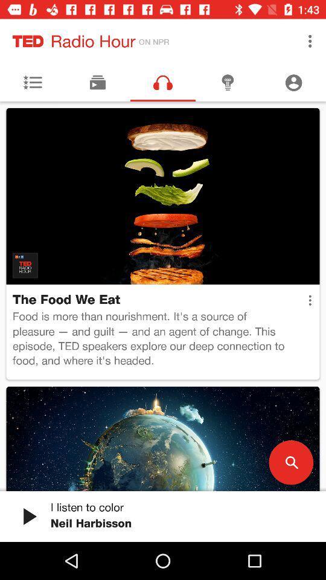 The height and width of the screenshot is (580, 326). Describe the element at coordinates (310, 300) in the screenshot. I see `the icon next to food is more` at that location.